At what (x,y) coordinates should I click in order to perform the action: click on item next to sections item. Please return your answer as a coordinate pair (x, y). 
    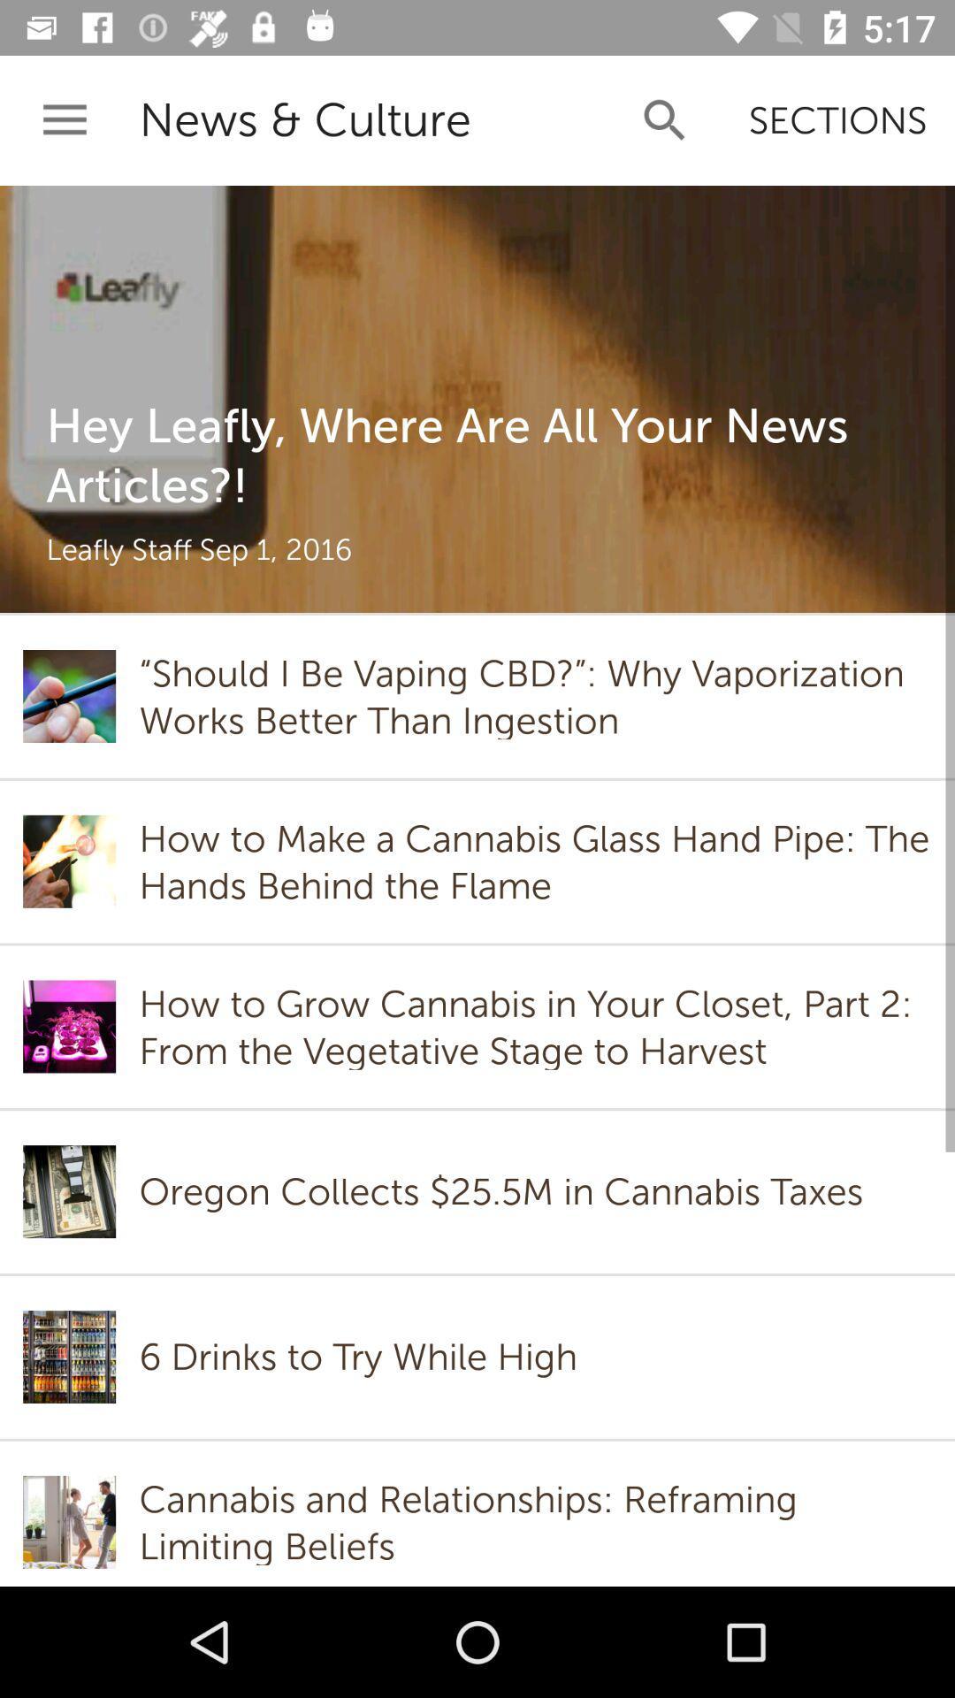
    Looking at the image, I should click on (665, 119).